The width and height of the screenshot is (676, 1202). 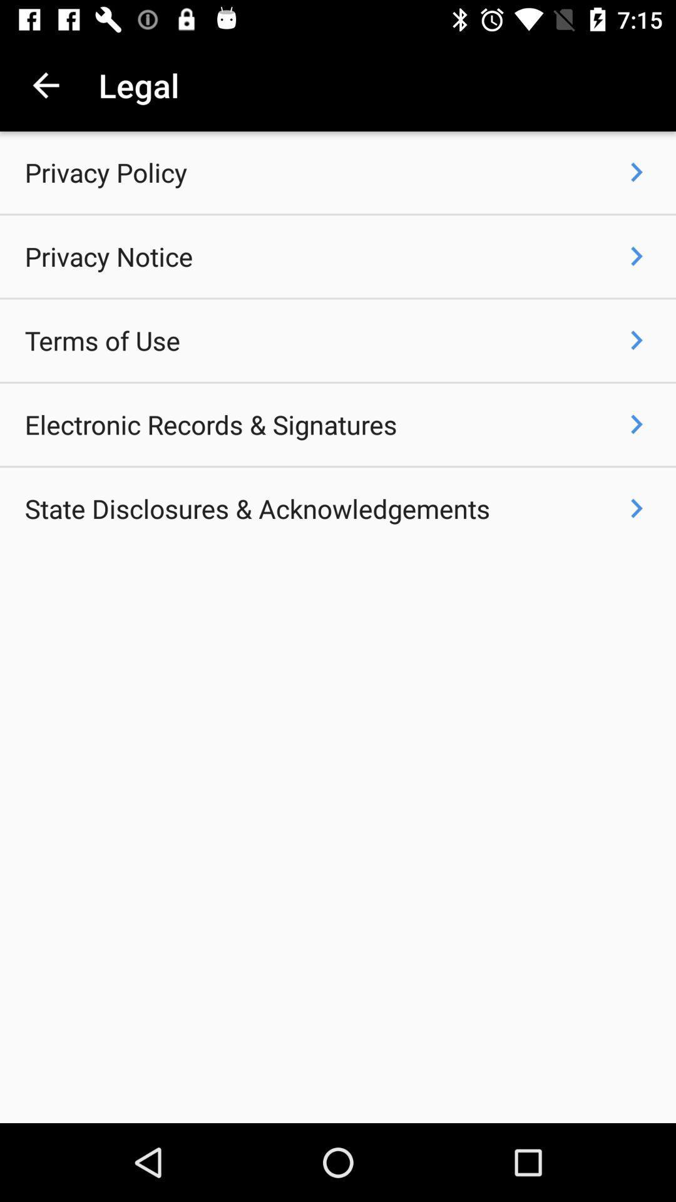 What do you see at coordinates (105, 172) in the screenshot?
I see `the icon above privacy notice item` at bounding box center [105, 172].